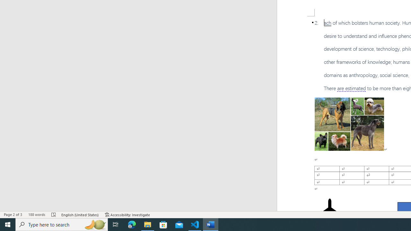  Describe the element at coordinates (13, 215) in the screenshot. I see `'Page Number Page 2 of 3'` at that location.